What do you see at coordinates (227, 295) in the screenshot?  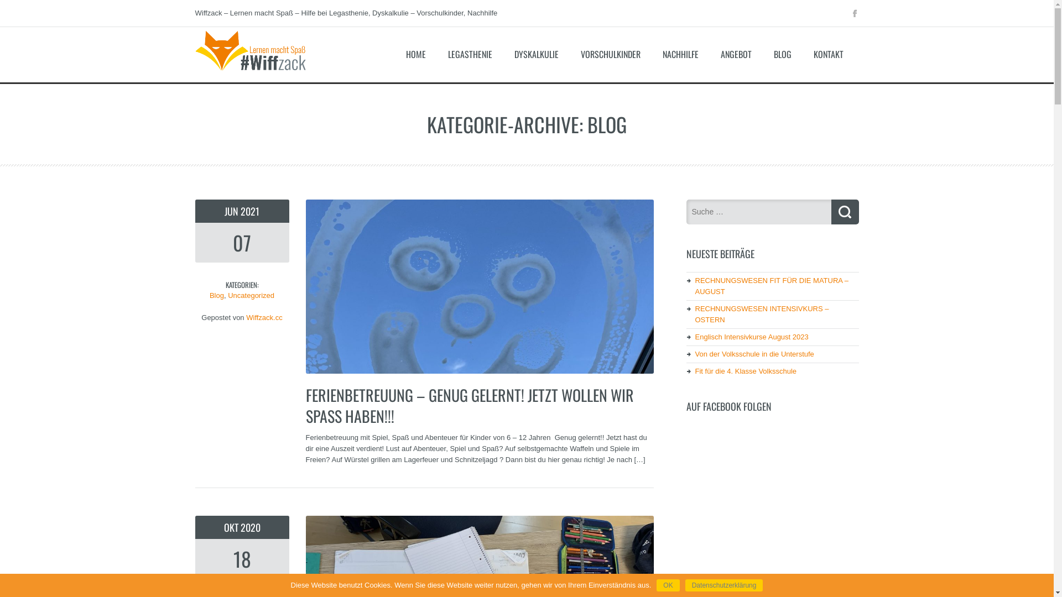 I see `'Uncategorized'` at bounding box center [227, 295].